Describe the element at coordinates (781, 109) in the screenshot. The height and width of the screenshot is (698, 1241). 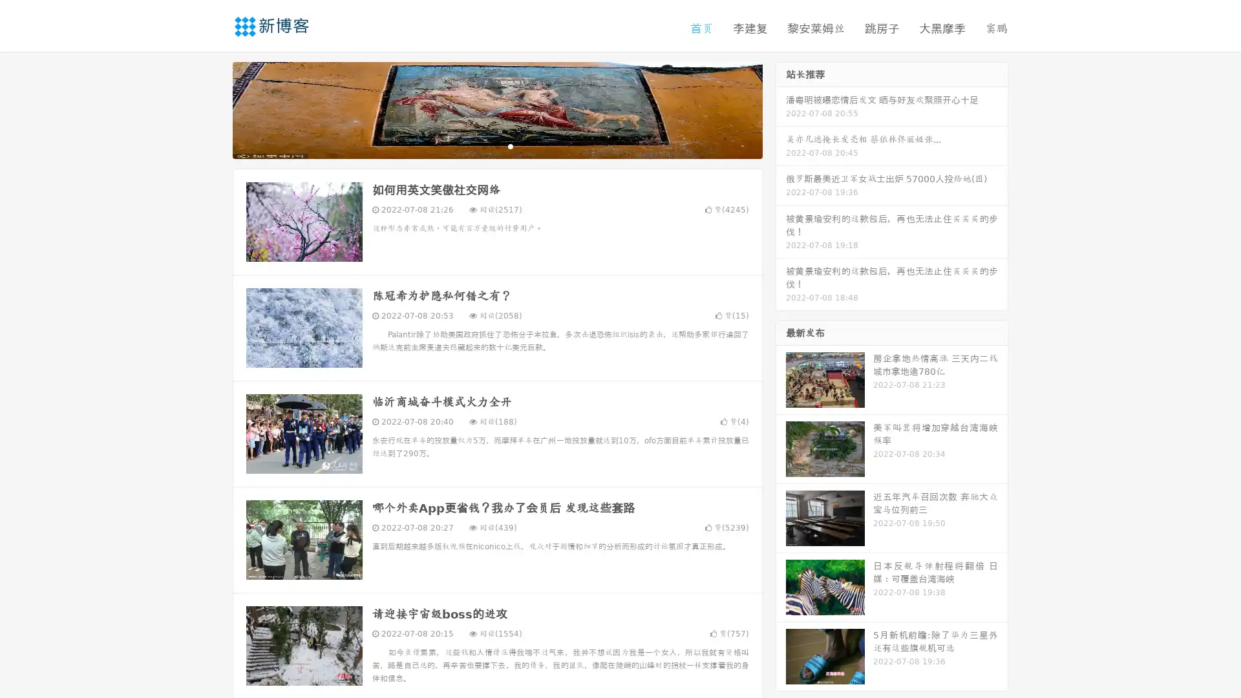
I see `Next slide` at that location.